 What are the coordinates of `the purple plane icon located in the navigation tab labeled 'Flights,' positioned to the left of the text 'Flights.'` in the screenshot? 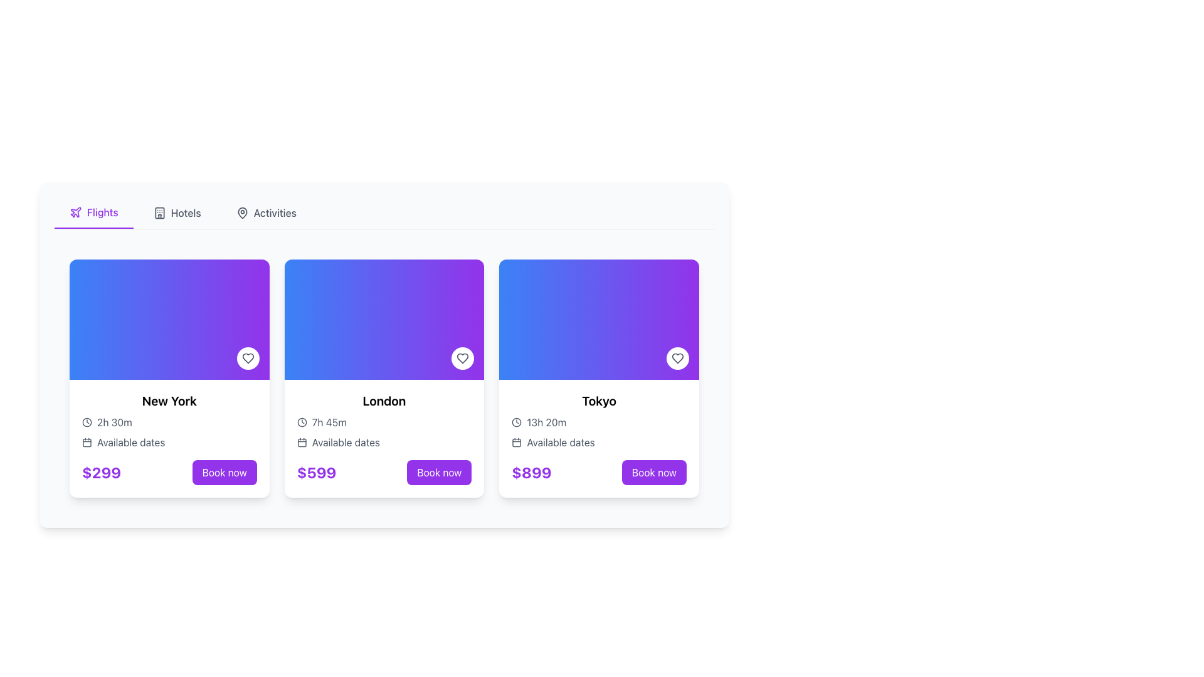 It's located at (75, 212).